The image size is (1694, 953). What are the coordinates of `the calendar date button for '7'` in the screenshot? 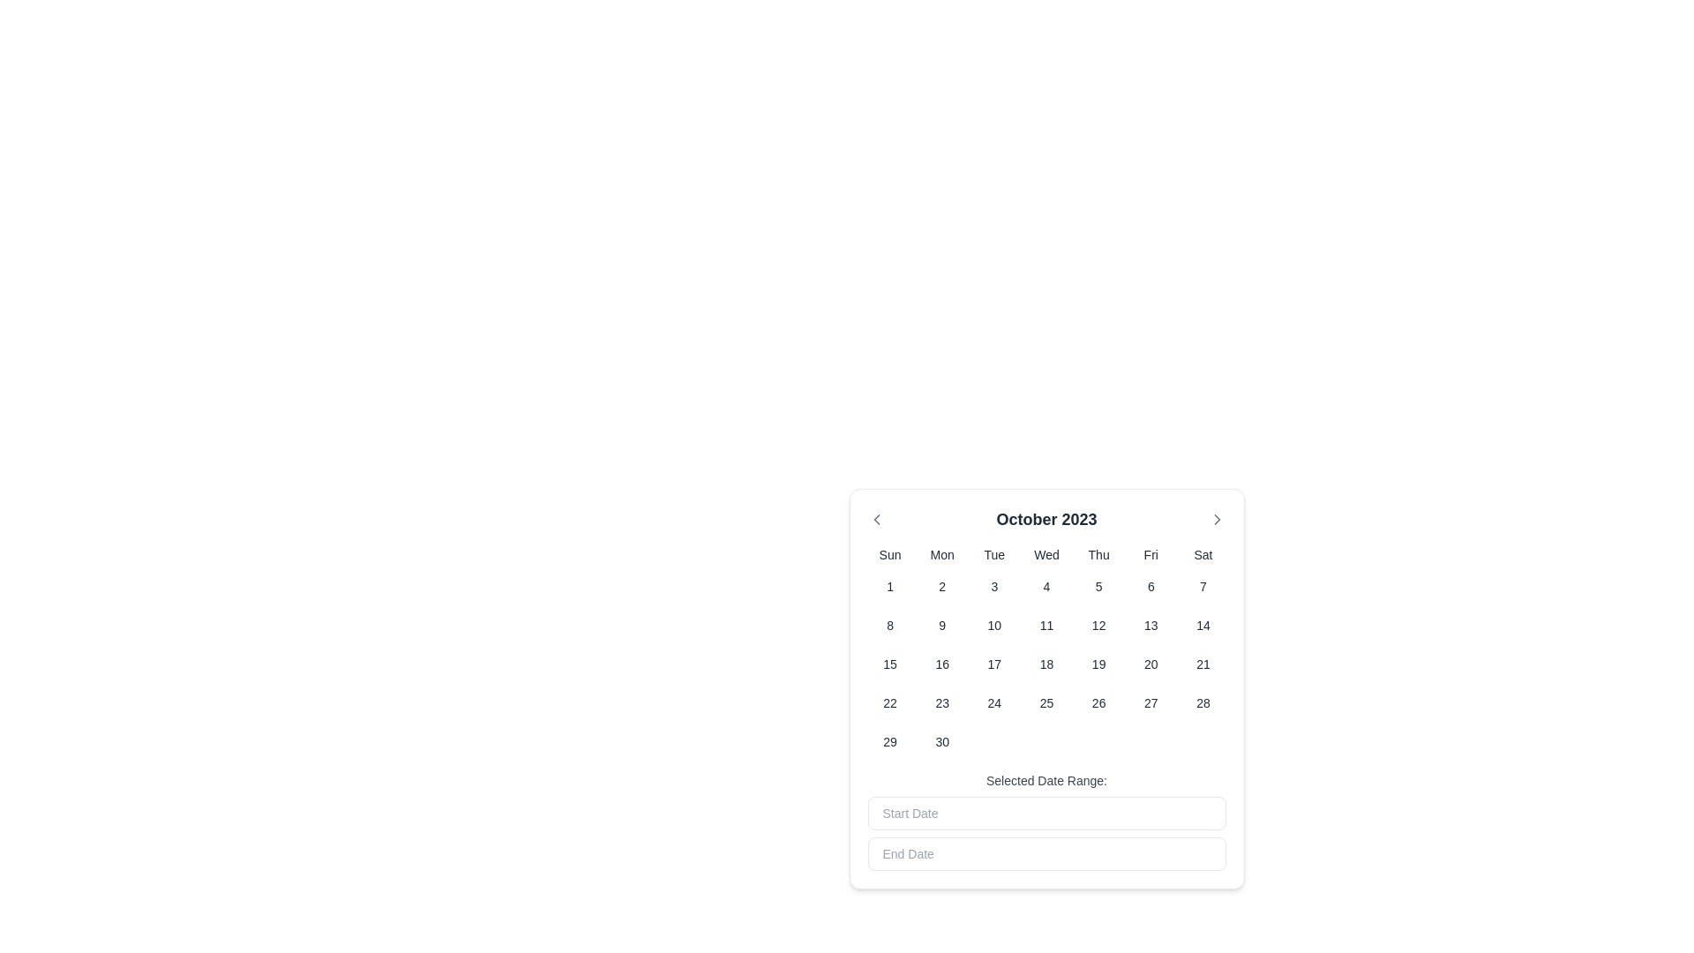 It's located at (1202, 586).